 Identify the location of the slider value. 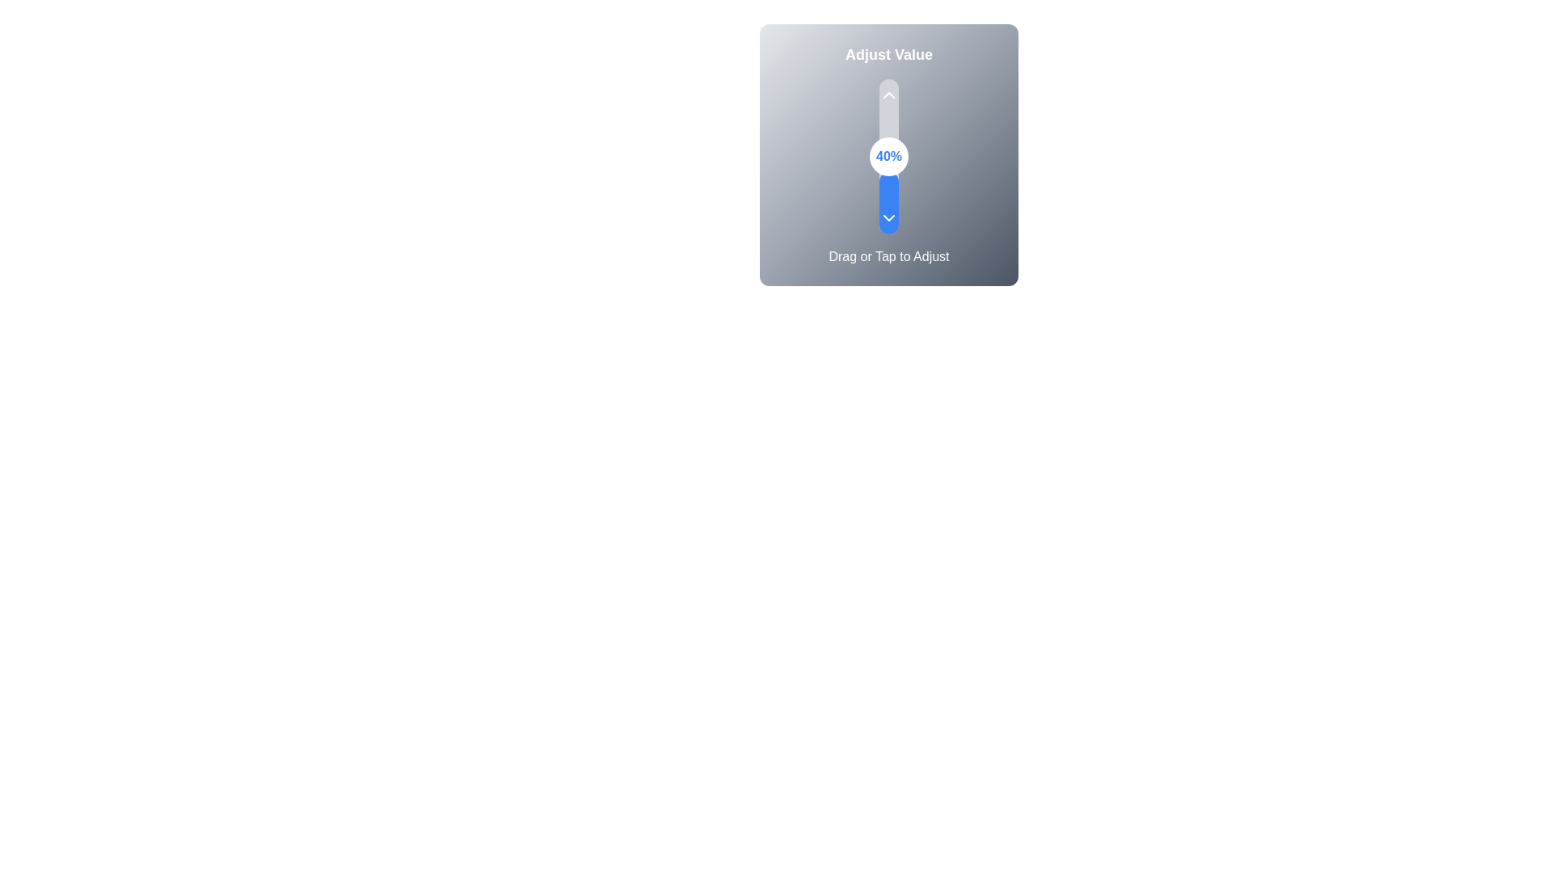
(888, 197).